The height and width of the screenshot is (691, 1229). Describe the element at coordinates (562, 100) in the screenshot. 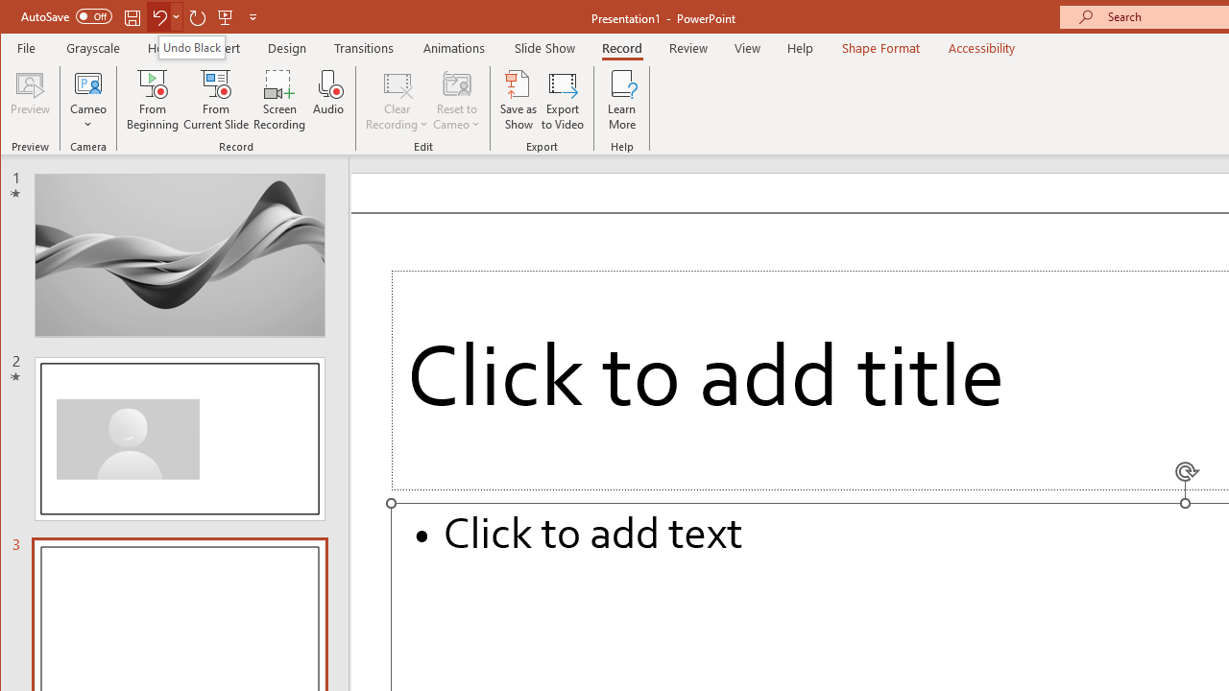

I see `'Export to Video'` at that location.